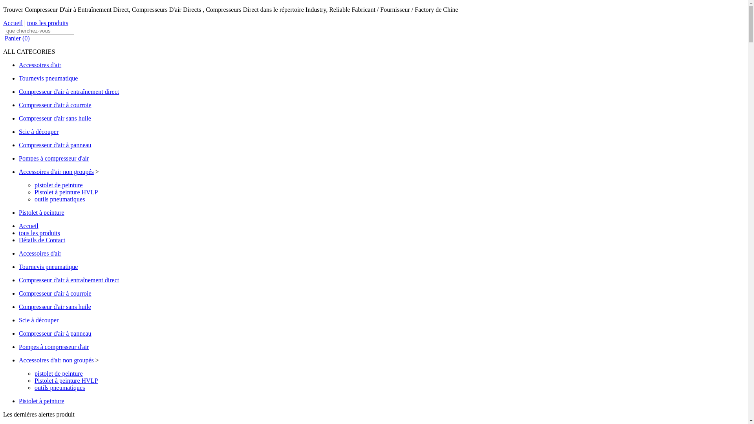 The image size is (754, 424). What do you see at coordinates (17, 38) in the screenshot?
I see `'Panier (0)'` at bounding box center [17, 38].